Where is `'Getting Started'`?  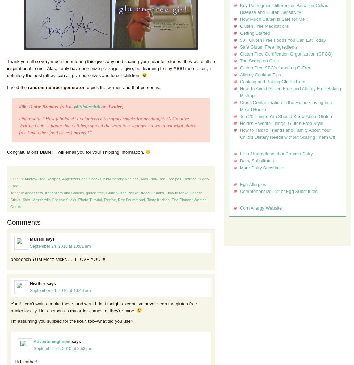 'Getting Started' is located at coordinates (255, 33).